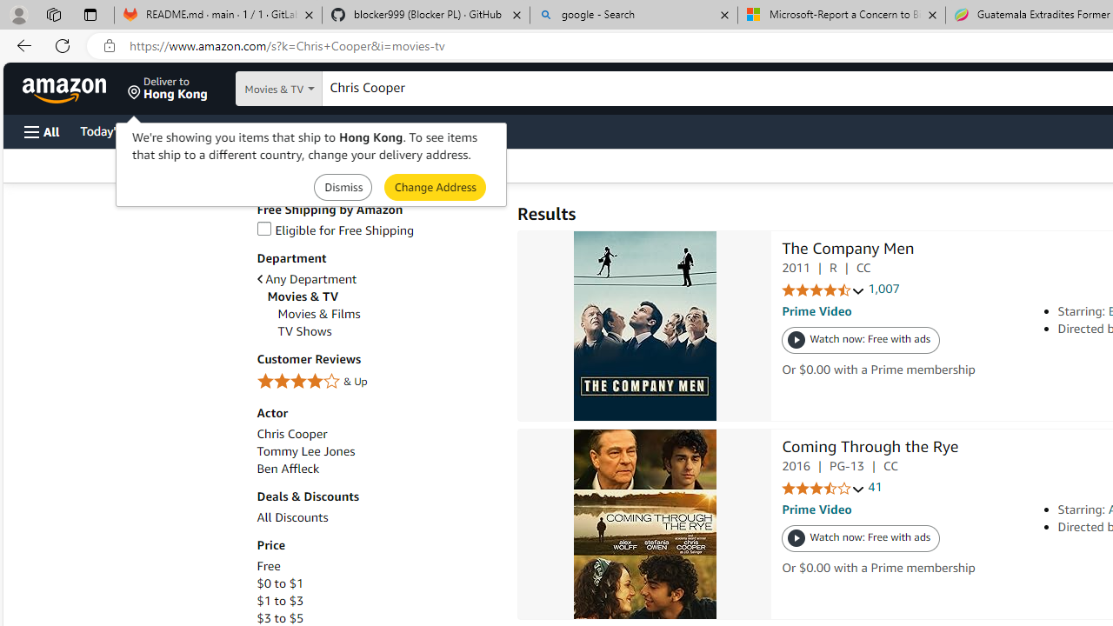 The image size is (1113, 626). I want to click on '3.3 out of 5 stars', so click(823, 489).